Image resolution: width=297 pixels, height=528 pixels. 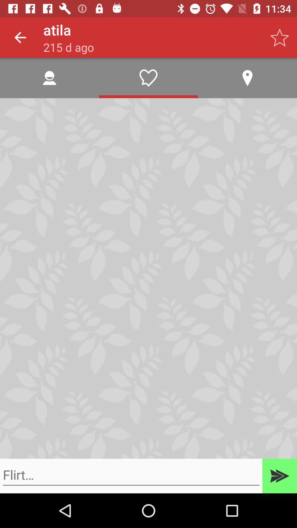 What do you see at coordinates (280, 476) in the screenshot?
I see `the send icon` at bounding box center [280, 476].